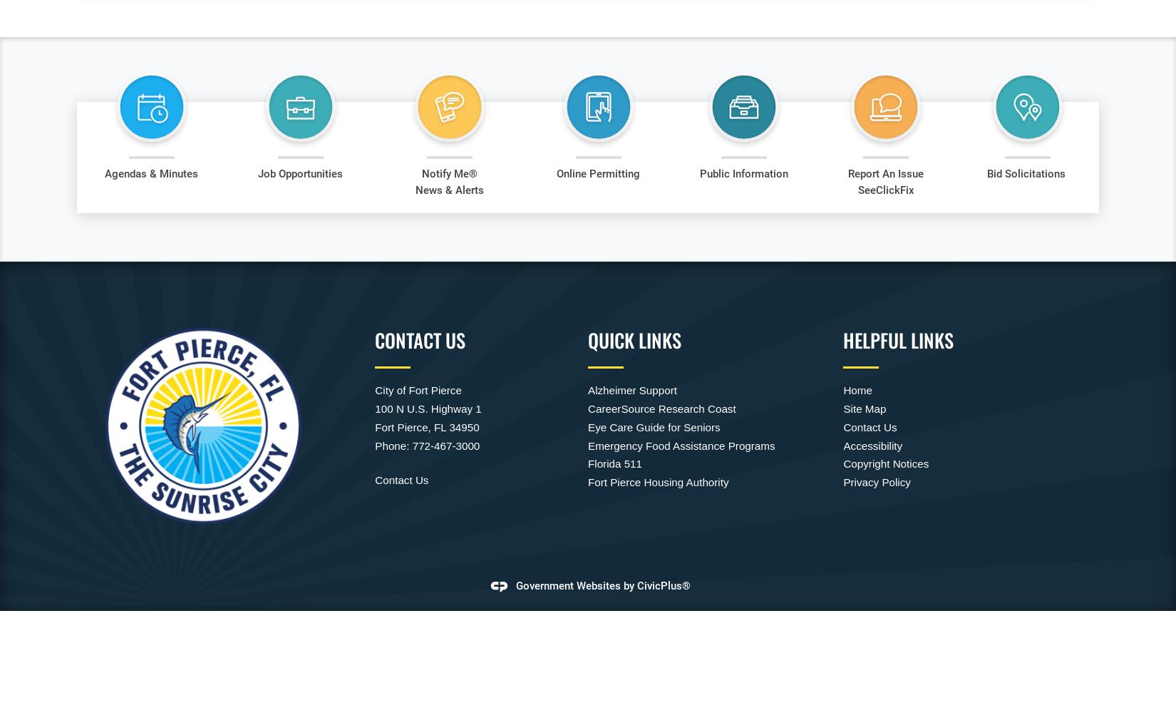  I want to click on 'Home', so click(857, 390).